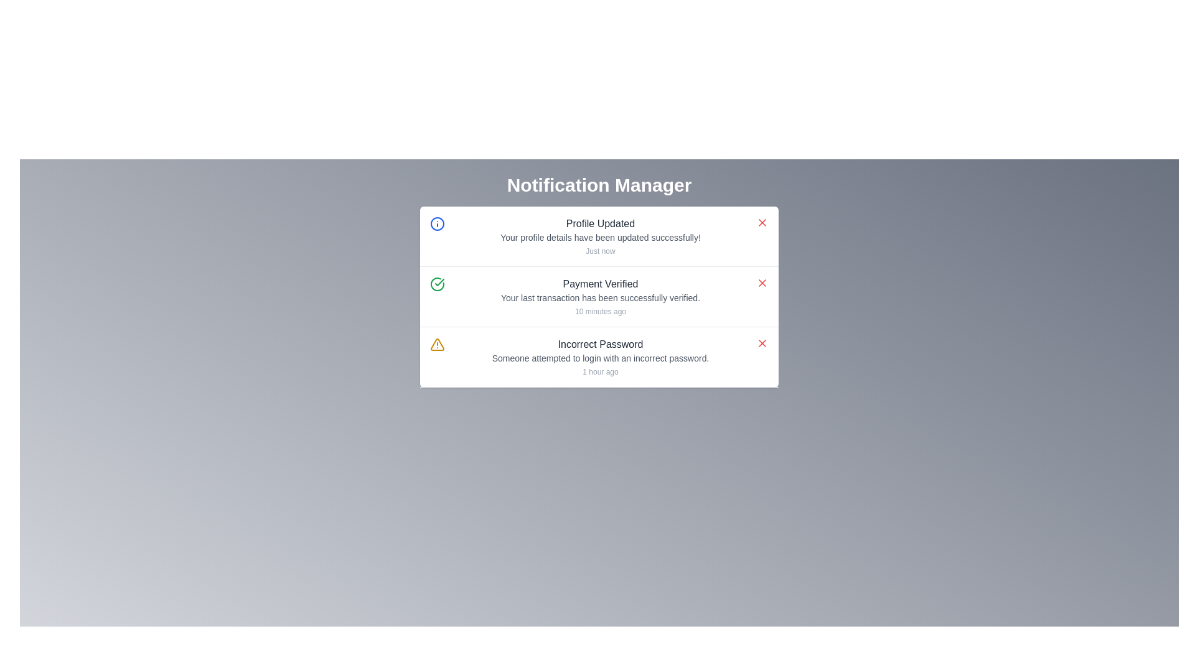 The width and height of the screenshot is (1195, 672). What do you see at coordinates (437, 284) in the screenshot?
I see `the visual confirmation icon for successful payment verification located to the left of the 'Payment Verified' text in the second notification card under 'Notification Manager'` at bounding box center [437, 284].